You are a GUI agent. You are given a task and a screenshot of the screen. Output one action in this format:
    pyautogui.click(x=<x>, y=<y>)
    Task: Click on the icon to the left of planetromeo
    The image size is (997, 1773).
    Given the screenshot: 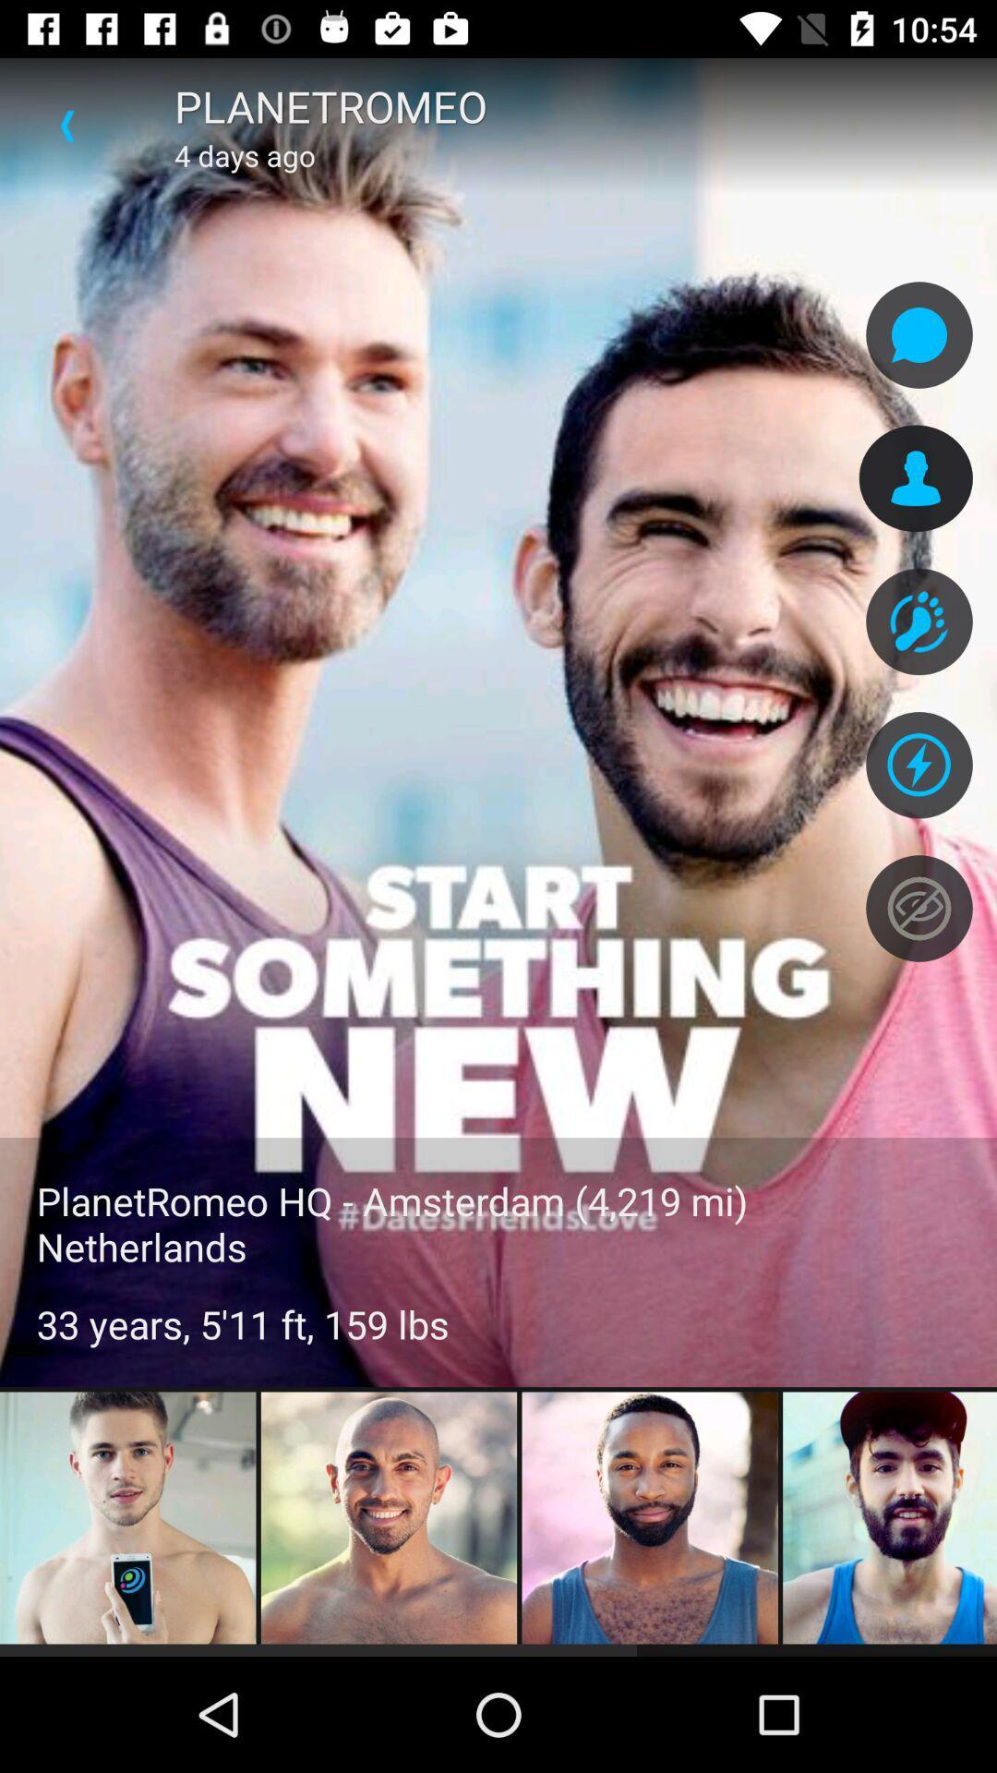 What is the action you would take?
    pyautogui.click(x=66, y=125)
    